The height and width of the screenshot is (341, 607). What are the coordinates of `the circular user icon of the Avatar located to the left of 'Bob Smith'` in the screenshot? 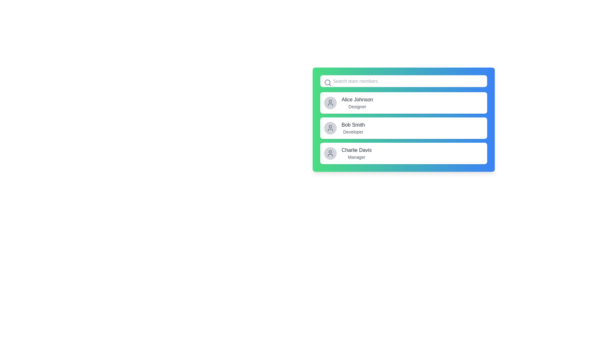 It's located at (330, 128).